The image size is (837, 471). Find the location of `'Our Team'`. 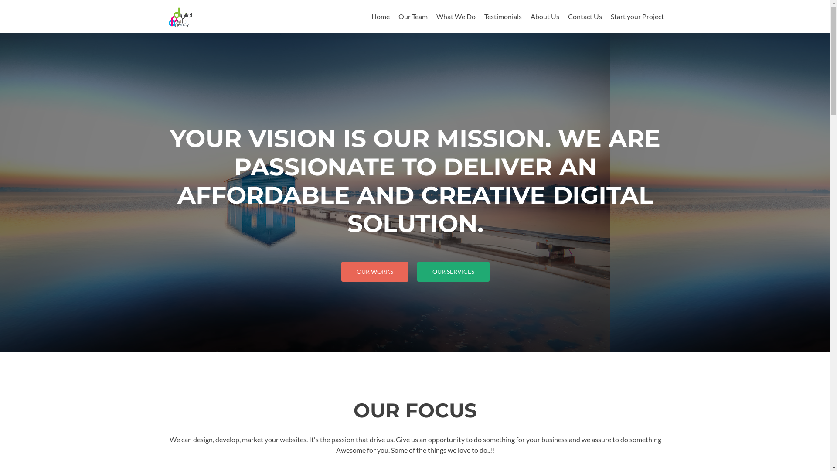

'Our Team' is located at coordinates (398, 16).